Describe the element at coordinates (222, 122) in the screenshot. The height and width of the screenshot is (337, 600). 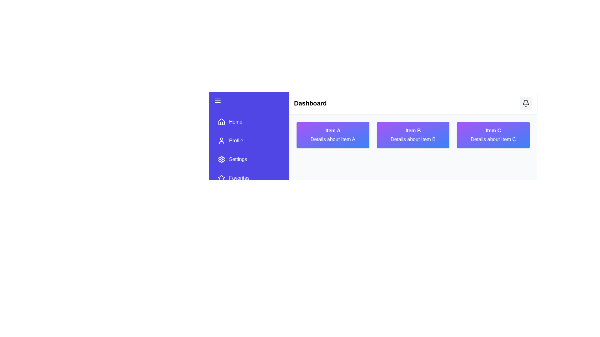
I see `the house-shaped icon in the vertical navigation sidebar labeled 'Home', which is the first button from the top` at that location.